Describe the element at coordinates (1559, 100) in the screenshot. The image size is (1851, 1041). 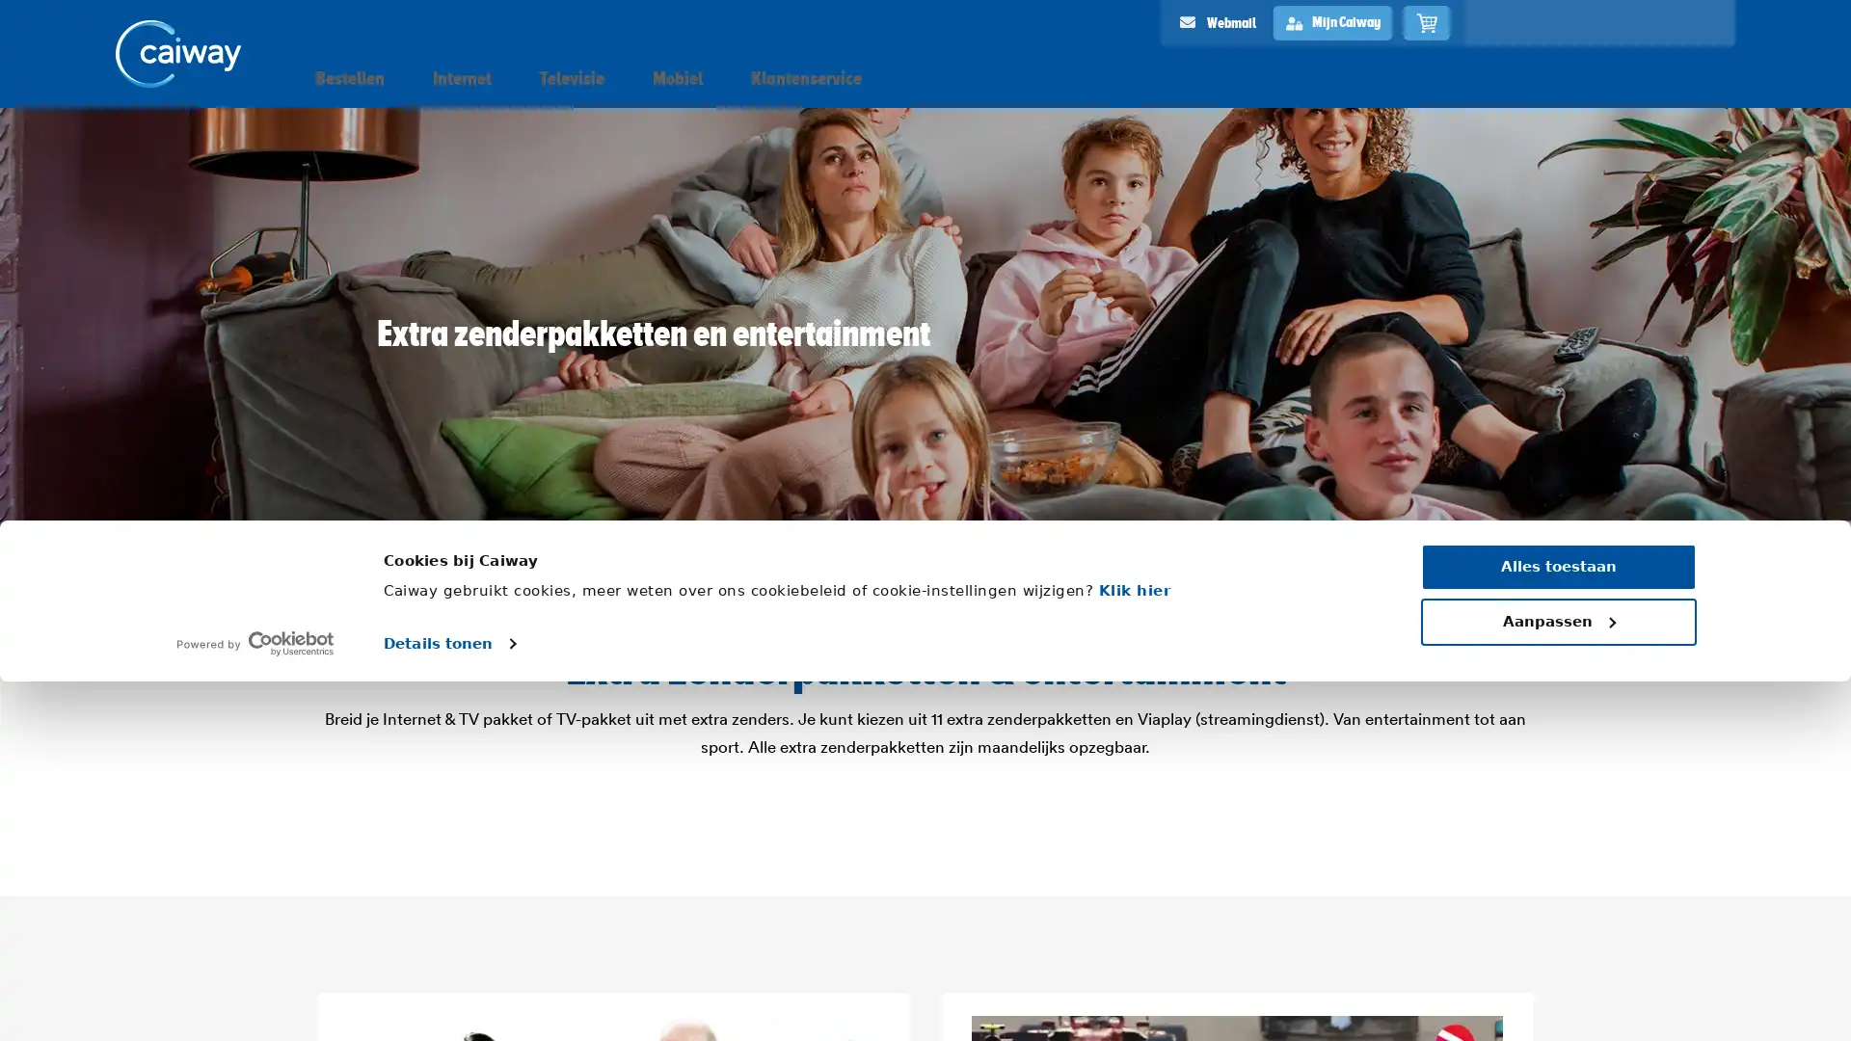
I see `Aanpassen` at that location.